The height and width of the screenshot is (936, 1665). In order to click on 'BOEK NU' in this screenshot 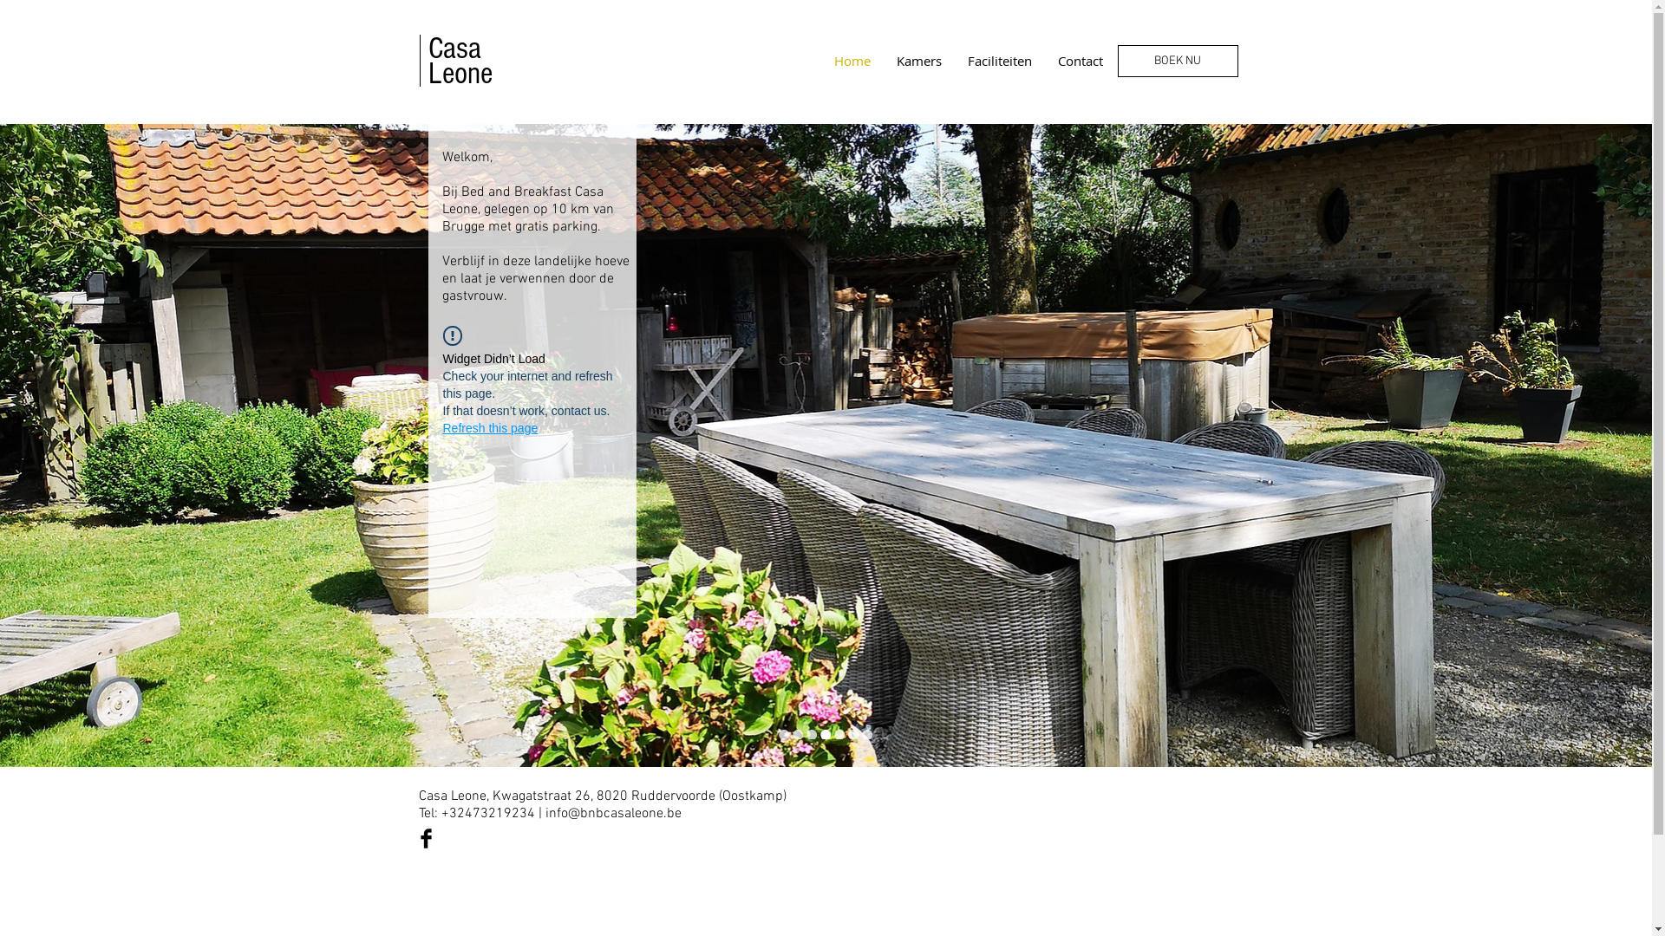, I will do `click(1177, 60)`.